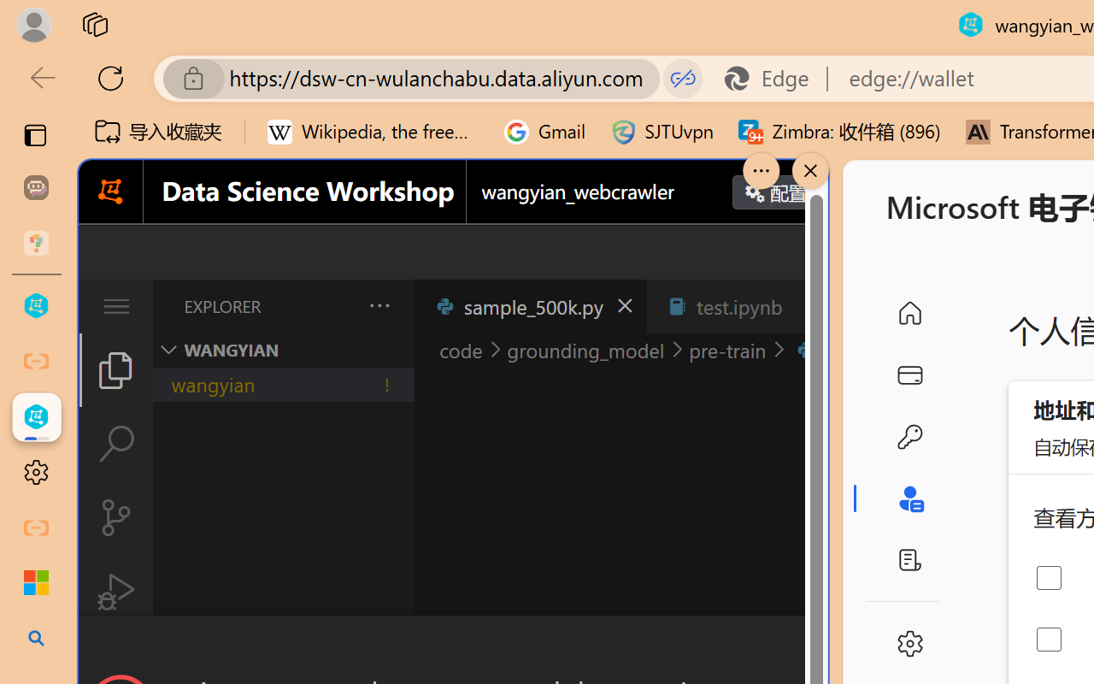 The image size is (1094, 684). What do you see at coordinates (115, 517) in the screenshot?
I see `'Source Control (Ctrl+Shift+G)'` at bounding box center [115, 517].